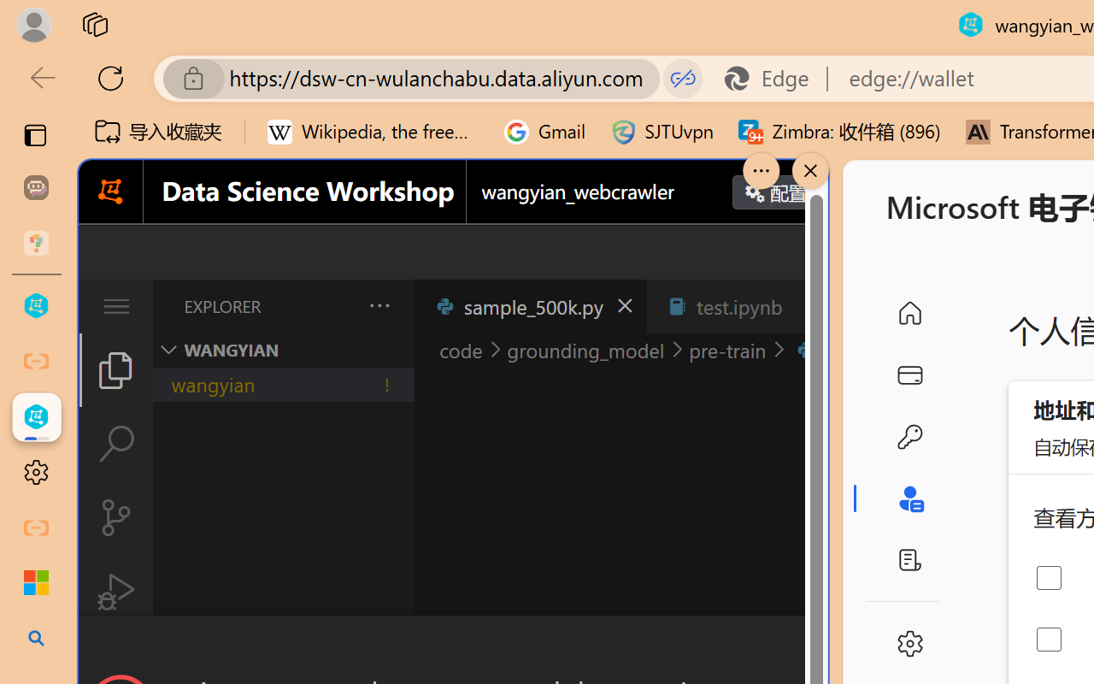 The image size is (1094, 684). What do you see at coordinates (115, 517) in the screenshot?
I see `'Source Control (Ctrl+Shift+G)'` at bounding box center [115, 517].